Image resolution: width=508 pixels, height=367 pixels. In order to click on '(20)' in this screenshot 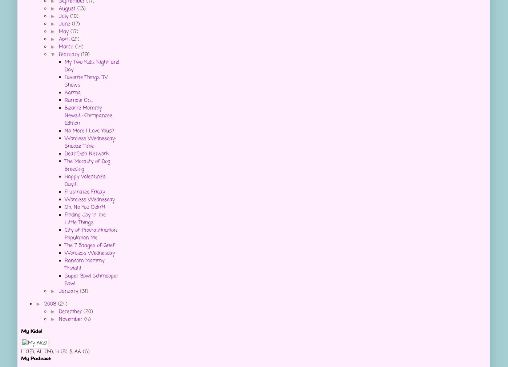, I will do `click(88, 312)`.